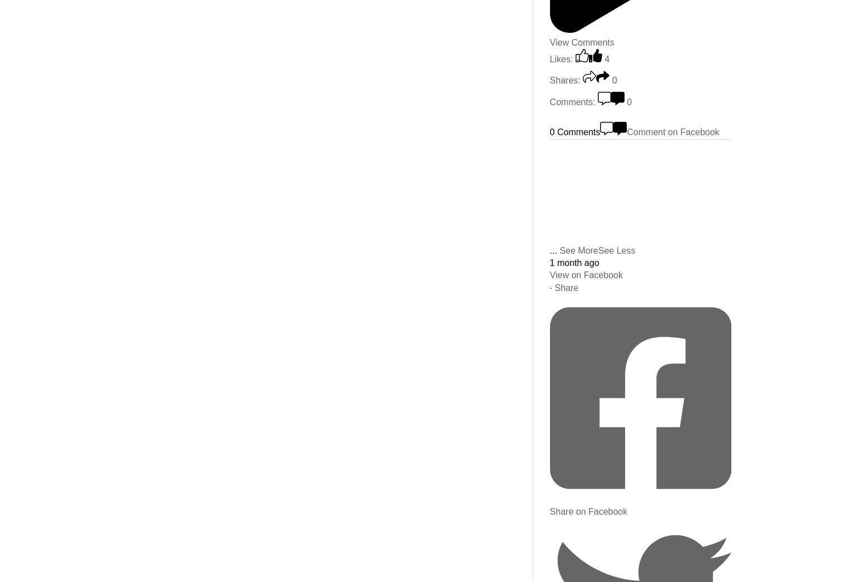 This screenshot has width=862, height=582. What do you see at coordinates (572, 101) in the screenshot?
I see `'Comments:'` at bounding box center [572, 101].